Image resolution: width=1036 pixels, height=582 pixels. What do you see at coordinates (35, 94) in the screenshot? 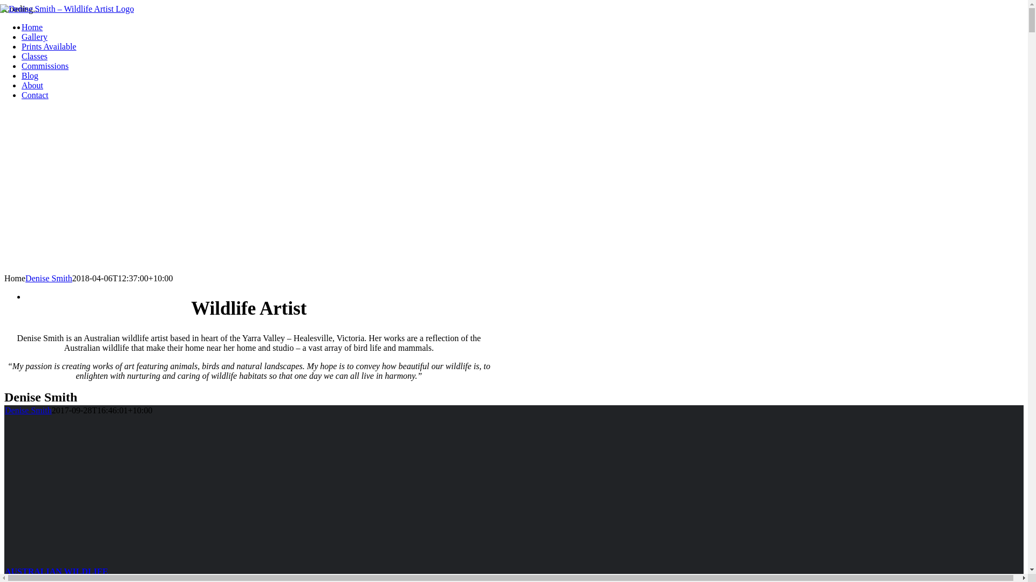
I see `'Contact'` at bounding box center [35, 94].